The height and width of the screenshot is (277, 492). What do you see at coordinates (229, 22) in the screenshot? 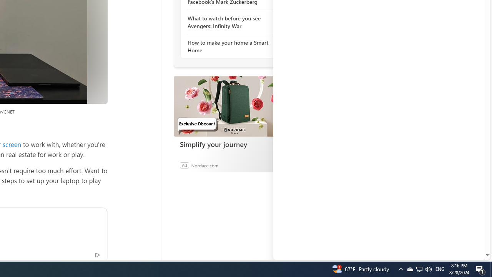
I see `'What to watch before you see Avengers: Infinity War'` at bounding box center [229, 22].